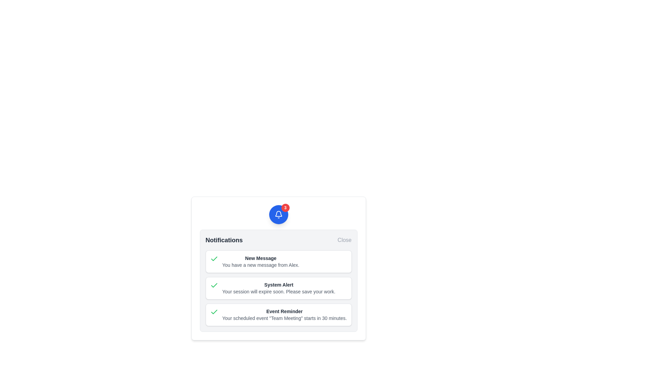 The width and height of the screenshot is (655, 368). What do you see at coordinates (260, 258) in the screenshot?
I see `the bold text label displaying 'New Message' at the top of the first notification card in the notifications popup` at bounding box center [260, 258].